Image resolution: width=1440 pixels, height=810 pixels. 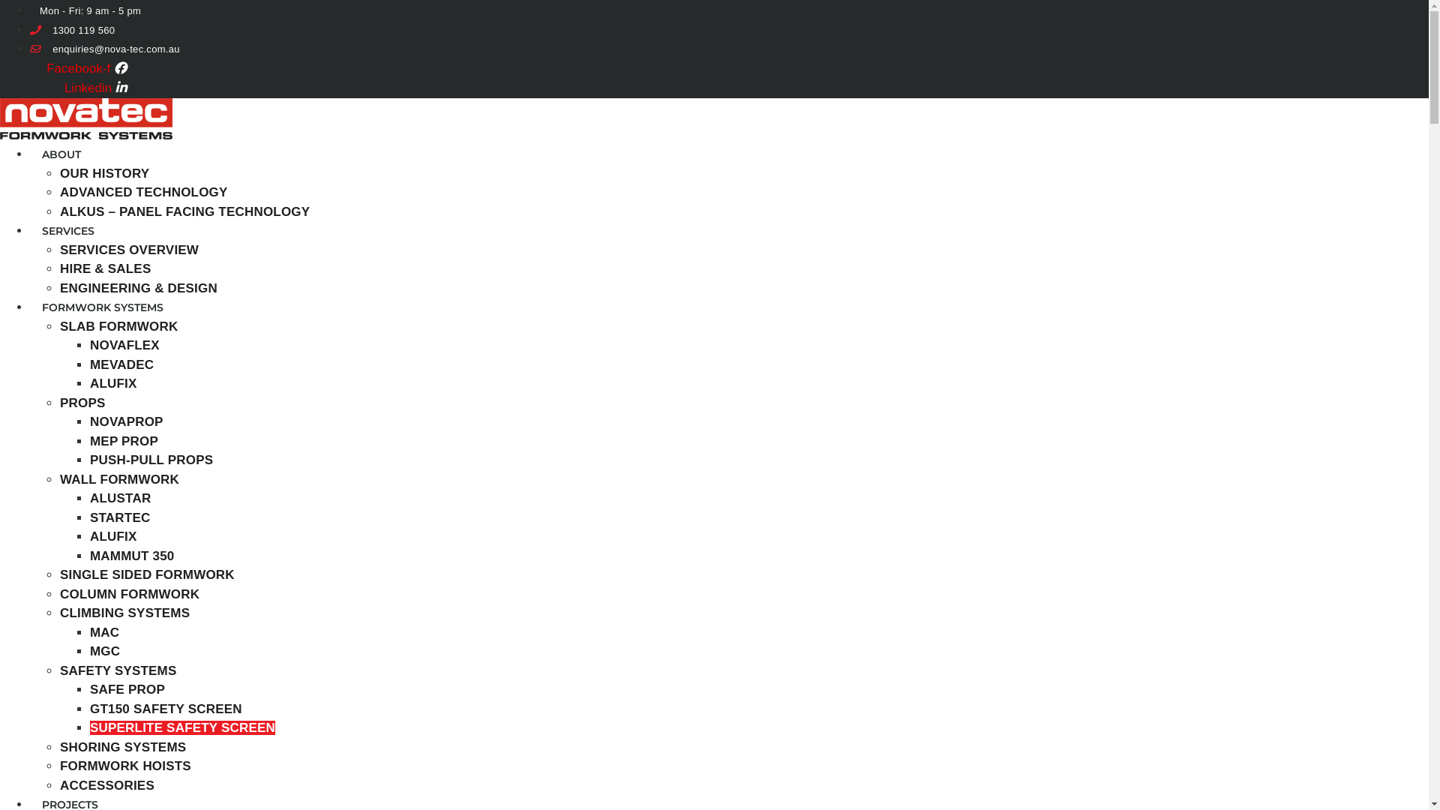 I want to click on 'ENGINEERING & DESIGN', so click(x=139, y=288).